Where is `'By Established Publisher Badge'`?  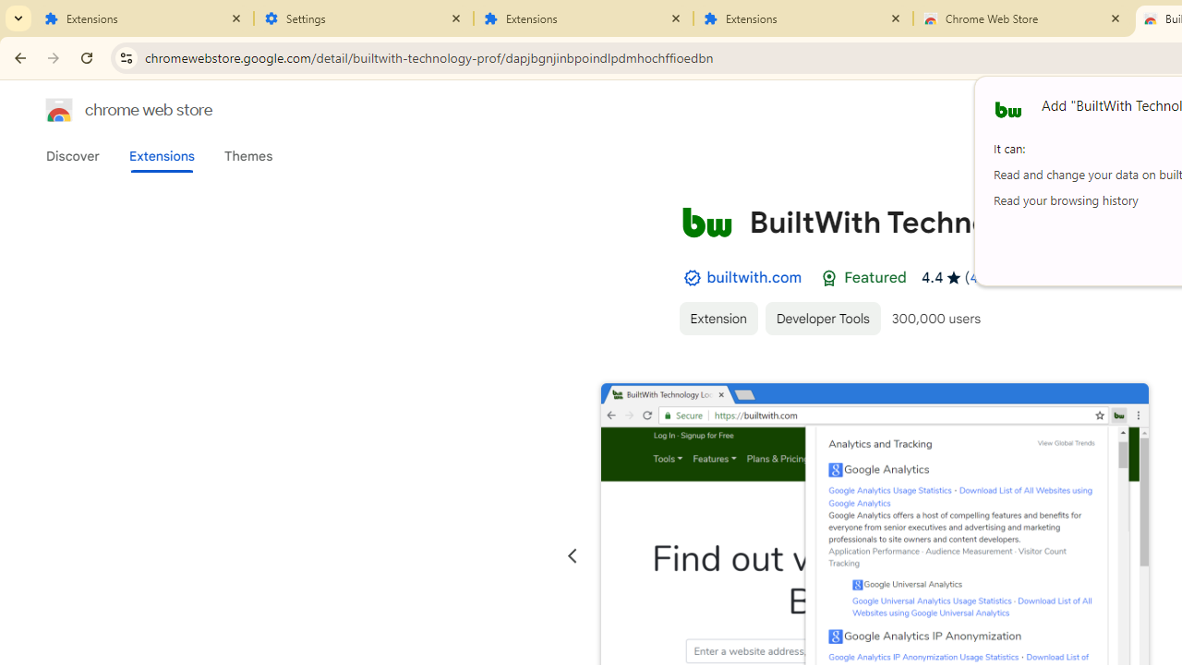 'By Established Publisher Badge' is located at coordinates (691, 278).